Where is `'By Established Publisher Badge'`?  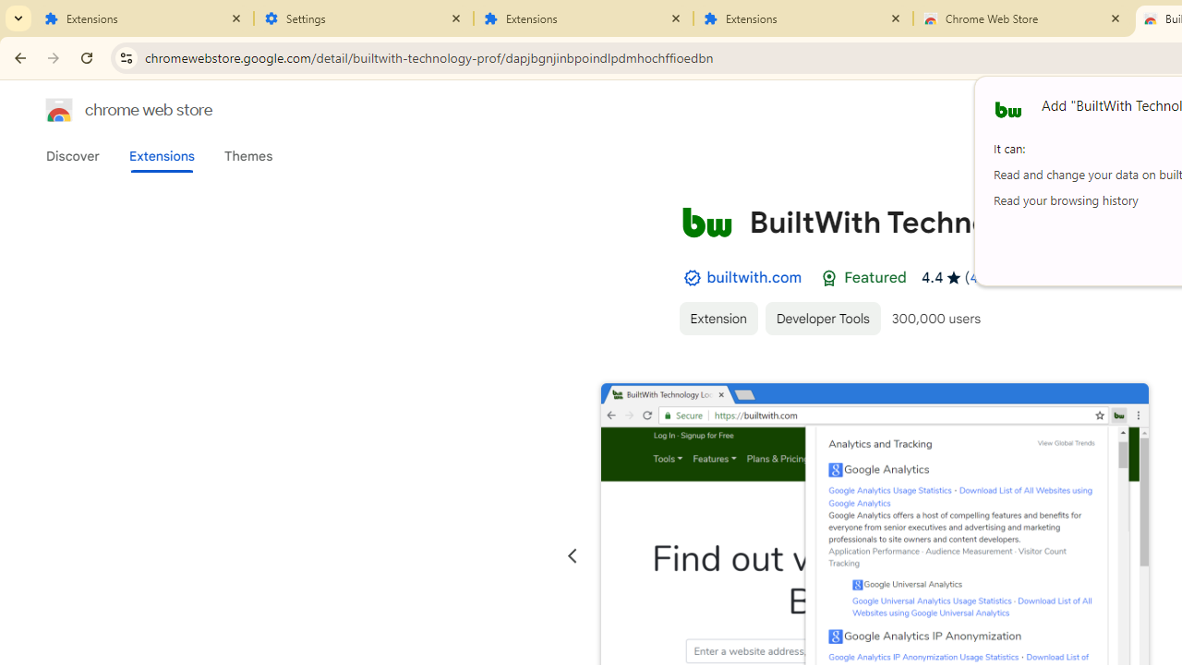 'By Established Publisher Badge' is located at coordinates (691, 278).